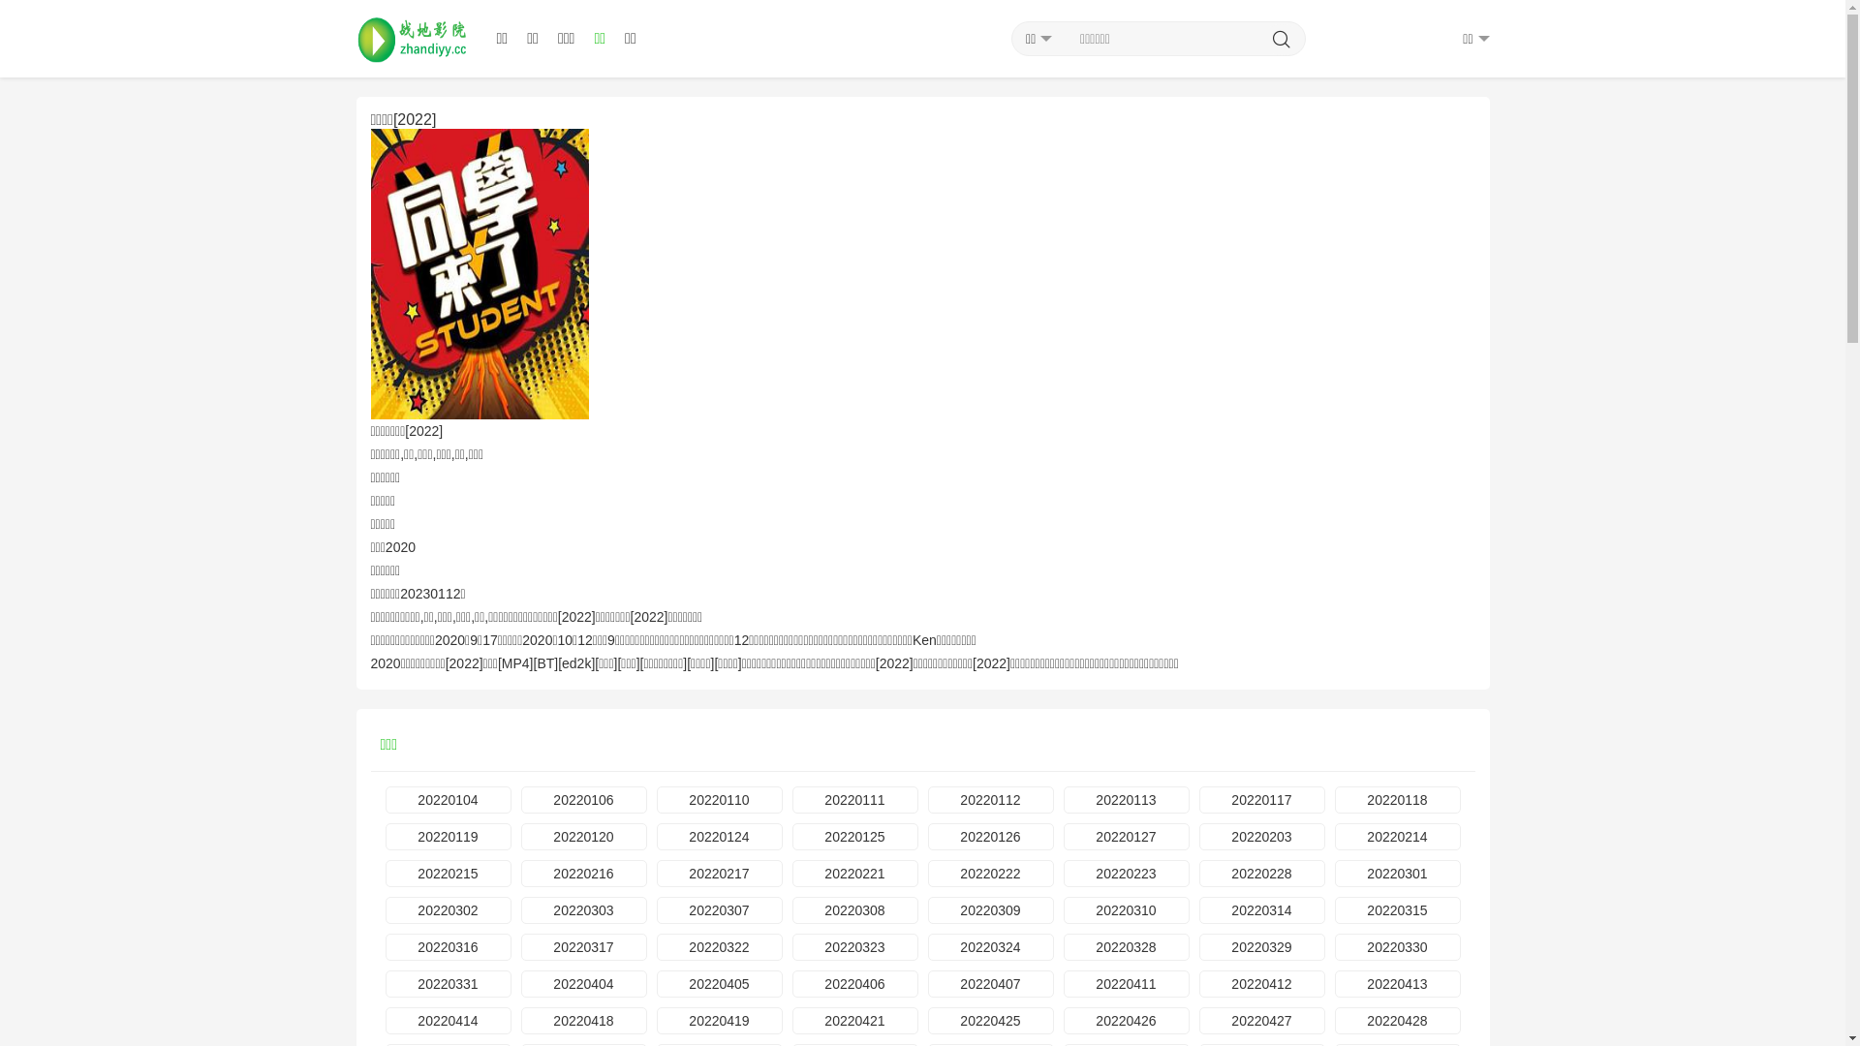 The height and width of the screenshot is (1046, 1860). Describe the element at coordinates (1261, 910) in the screenshot. I see `'20220314'` at that location.